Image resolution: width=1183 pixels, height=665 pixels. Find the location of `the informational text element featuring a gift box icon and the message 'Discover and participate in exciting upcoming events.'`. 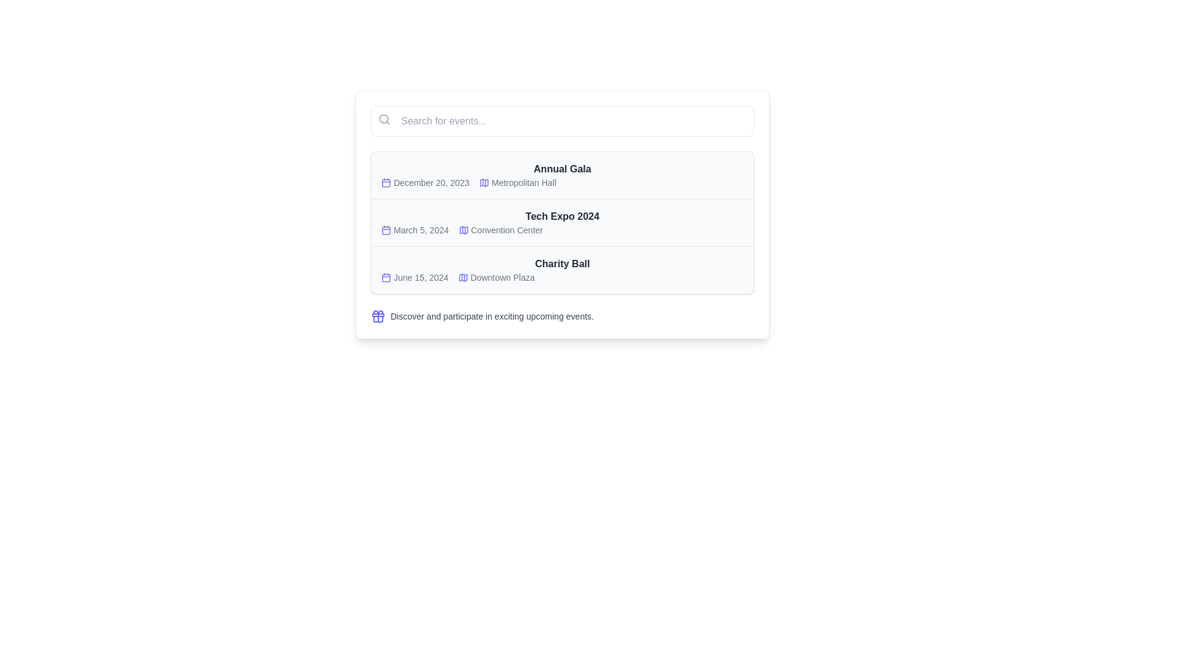

the informational text element featuring a gift box icon and the message 'Discover and participate in exciting upcoming events.' is located at coordinates (561, 315).